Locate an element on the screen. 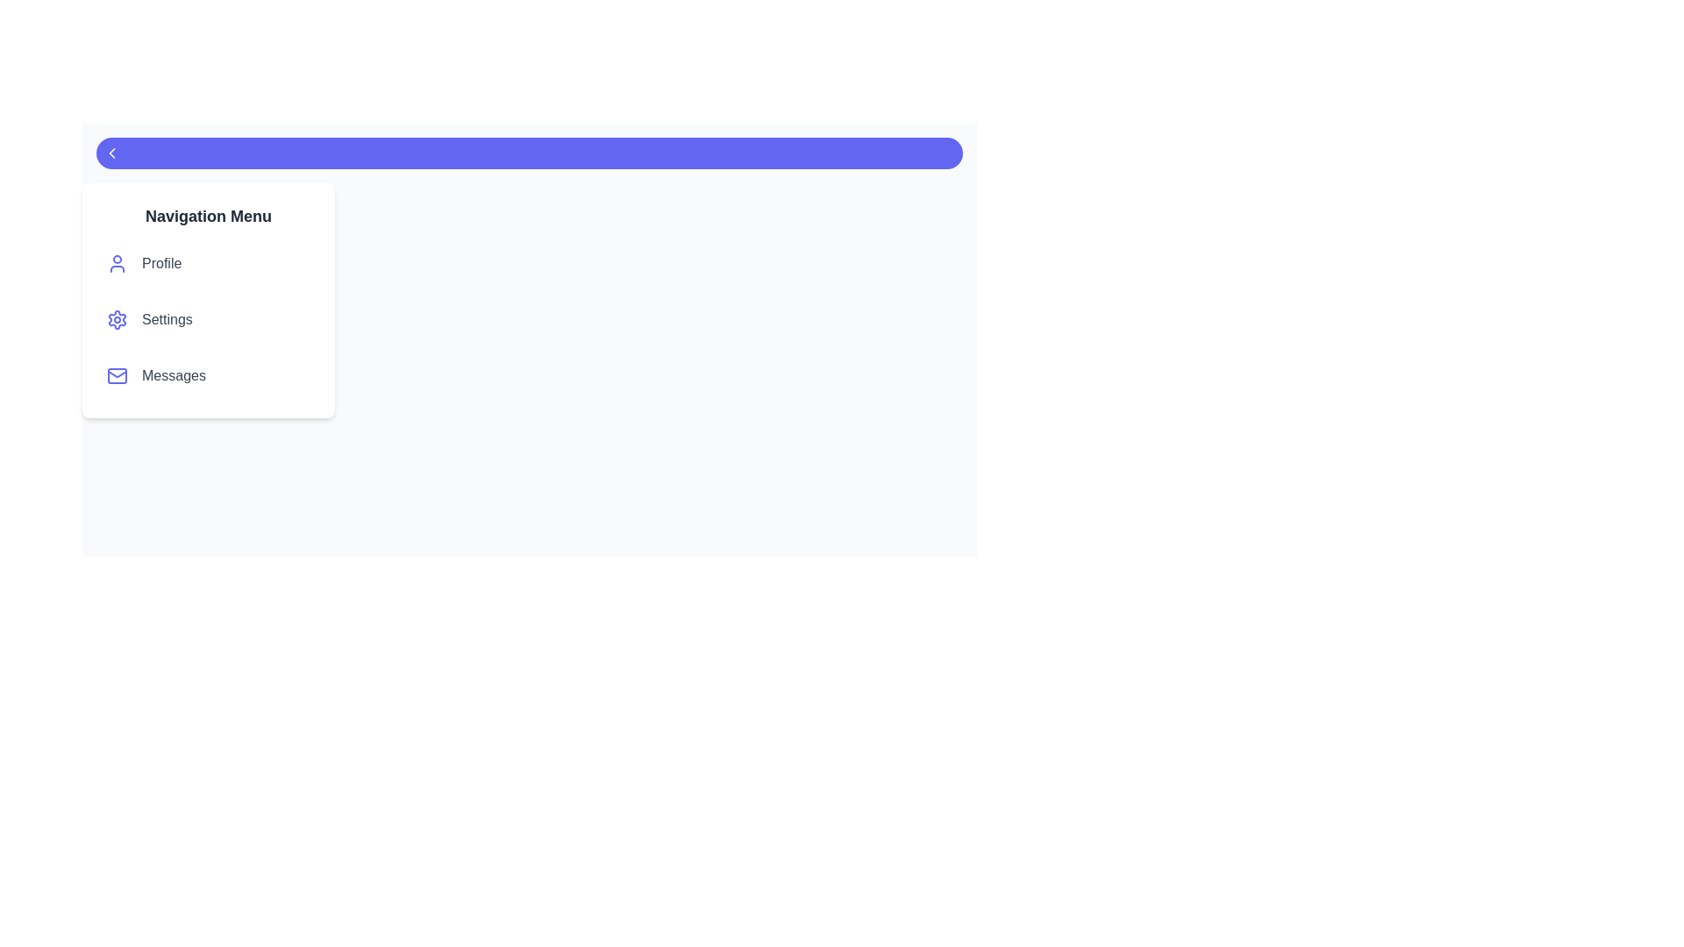 The width and height of the screenshot is (1684, 947). the menu item labeled 'Profile' in the drawer is located at coordinates (209, 263).